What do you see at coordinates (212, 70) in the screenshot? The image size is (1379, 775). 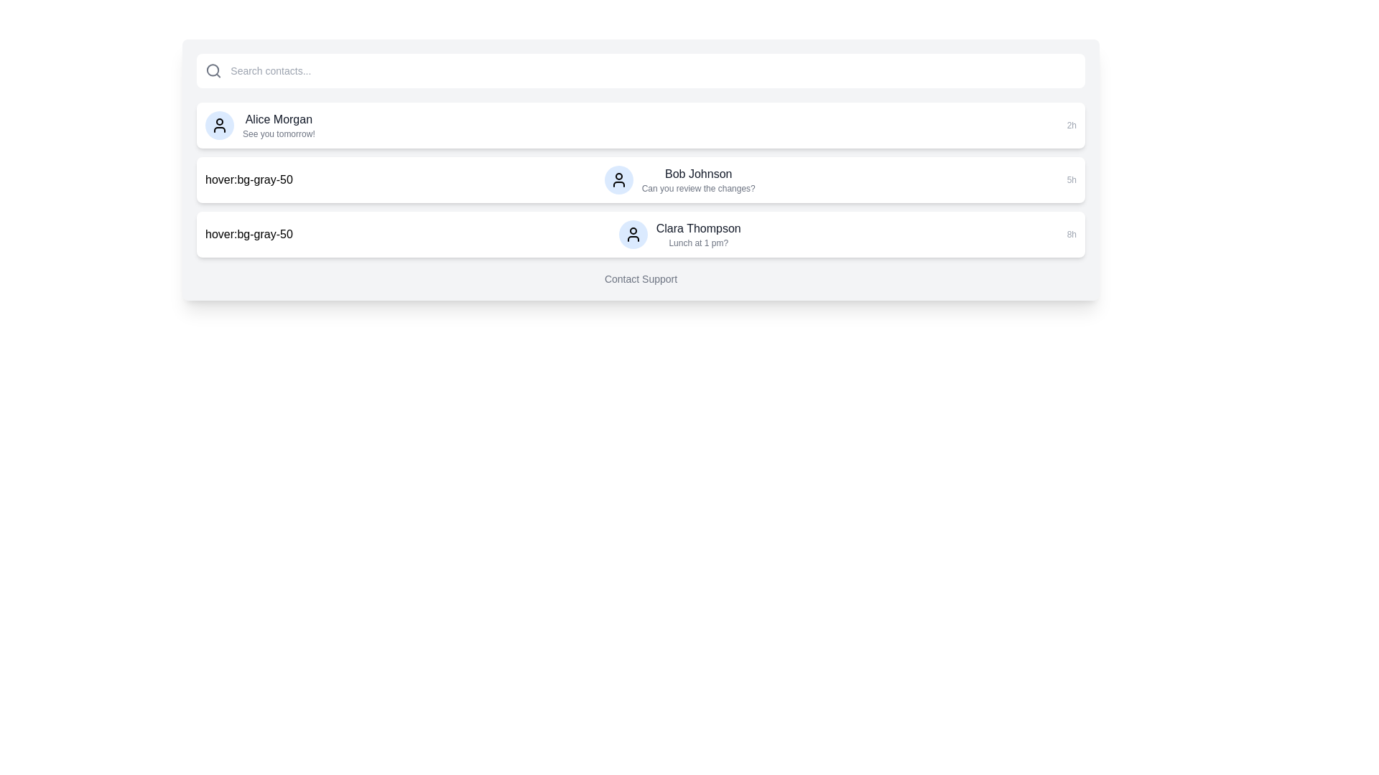 I see `the search icon represented by the SVG Circle located at the left side of the input field labeled 'Search contacts...'` at bounding box center [212, 70].